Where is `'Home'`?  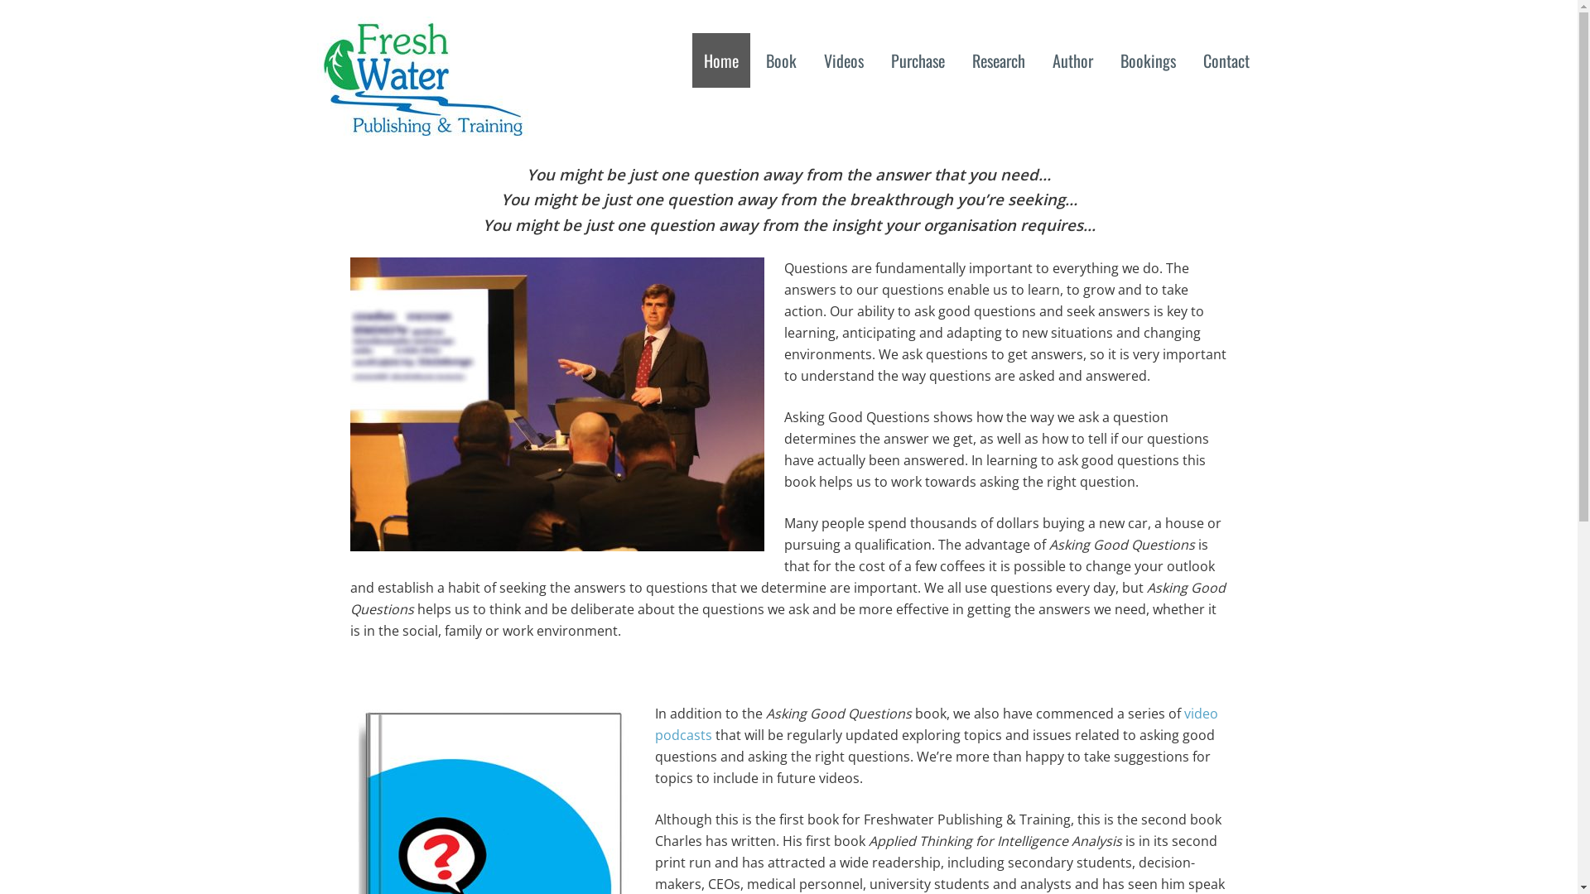
'Home' is located at coordinates (691, 60).